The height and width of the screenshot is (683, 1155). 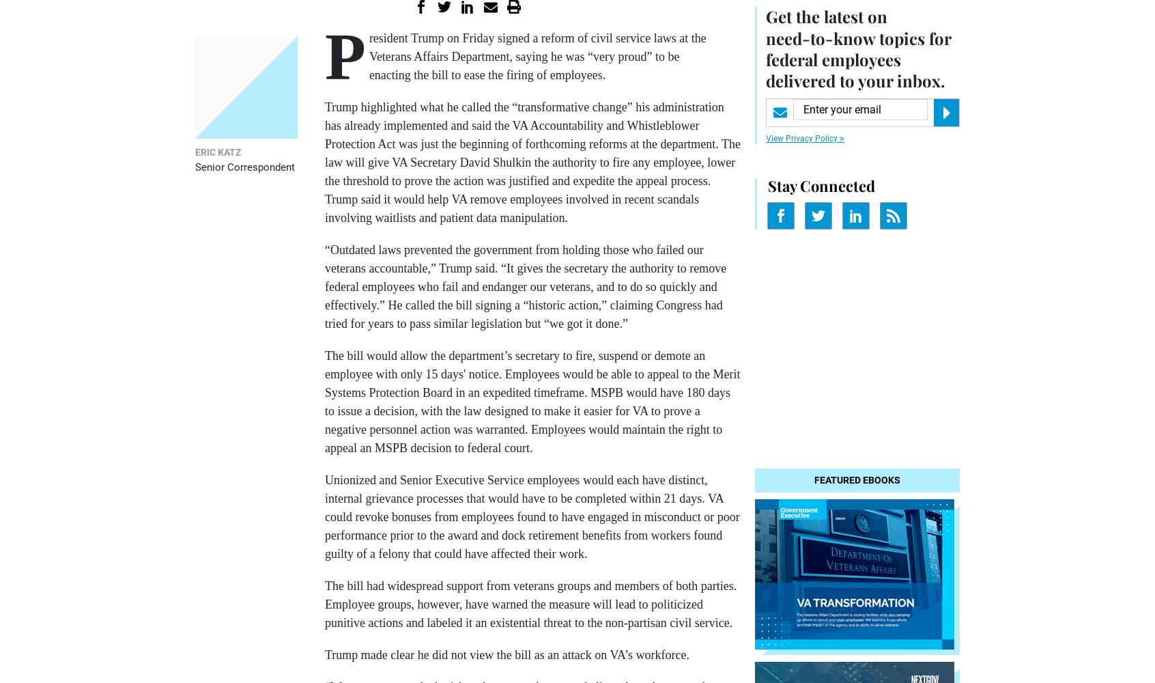 What do you see at coordinates (858, 58) in the screenshot?
I see `'topics for federal employees delivered to your inbox.'` at bounding box center [858, 58].